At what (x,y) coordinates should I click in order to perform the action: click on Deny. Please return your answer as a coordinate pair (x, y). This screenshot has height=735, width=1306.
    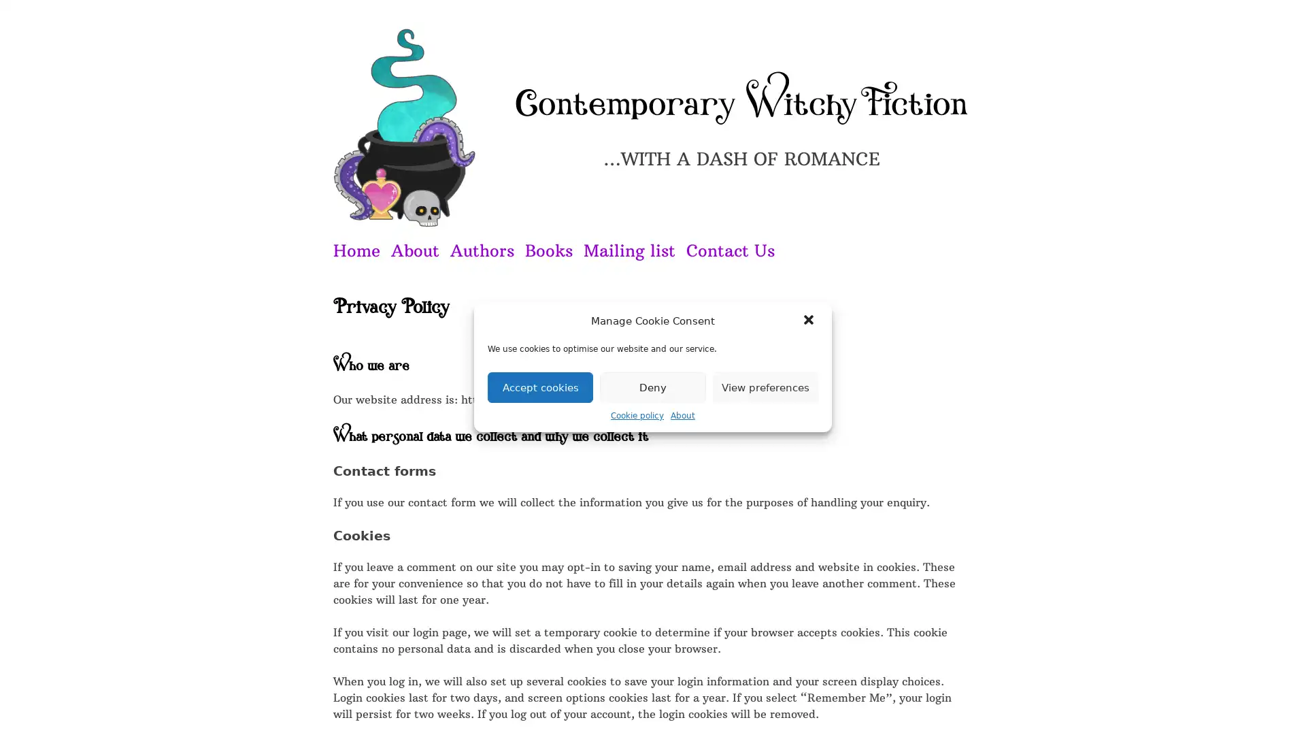
    Looking at the image, I should click on (652, 387).